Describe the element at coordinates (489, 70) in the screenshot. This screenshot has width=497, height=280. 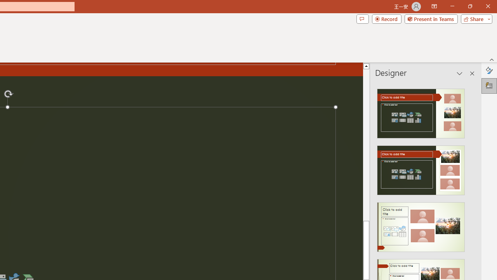
I see `'Format Background'` at that location.